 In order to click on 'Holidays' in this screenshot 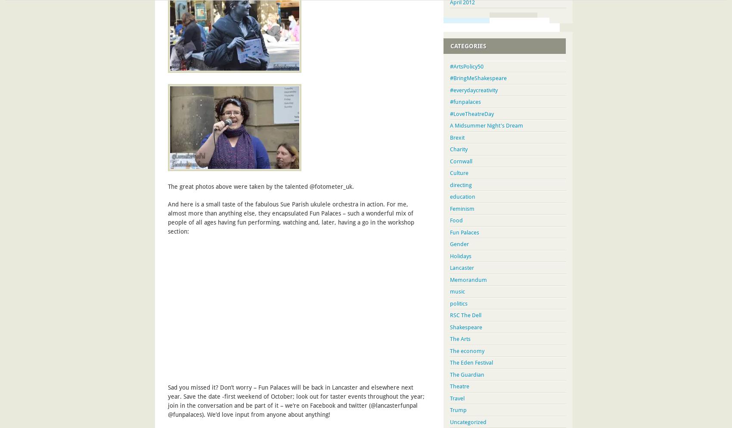, I will do `click(449, 256)`.